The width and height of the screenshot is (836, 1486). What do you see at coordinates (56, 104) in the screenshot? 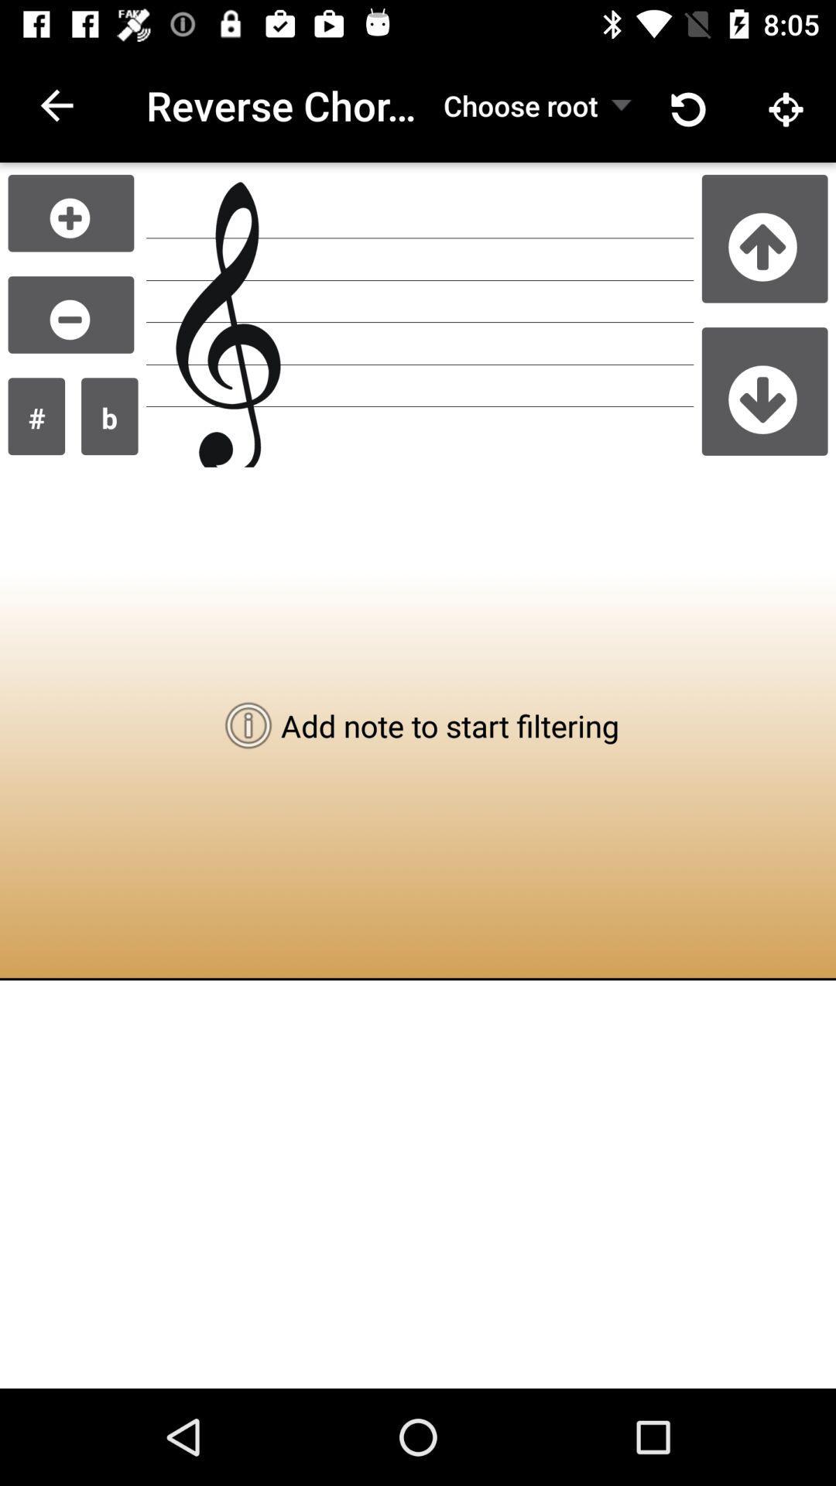
I see `icon next to reverse chord lookup icon` at bounding box center [56, 104].